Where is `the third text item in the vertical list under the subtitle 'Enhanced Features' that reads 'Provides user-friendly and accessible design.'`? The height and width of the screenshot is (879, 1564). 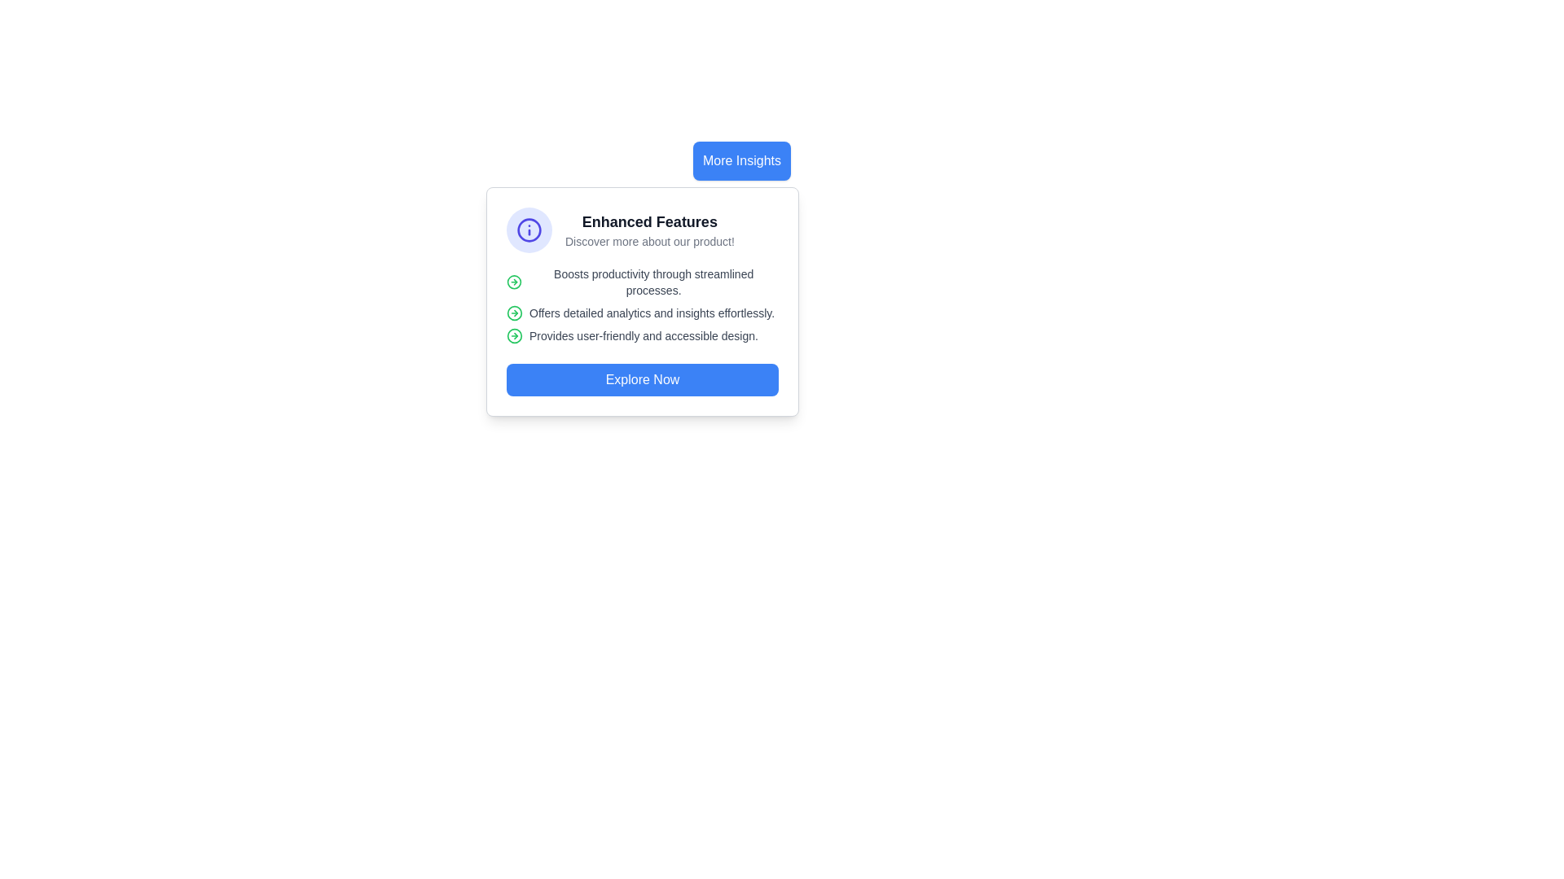 the third text item in the vertical list under the subtitle 'Enhanced Features' that reads 'Provides user-friendly and accessible design.' is located at coordinates (641, 335).